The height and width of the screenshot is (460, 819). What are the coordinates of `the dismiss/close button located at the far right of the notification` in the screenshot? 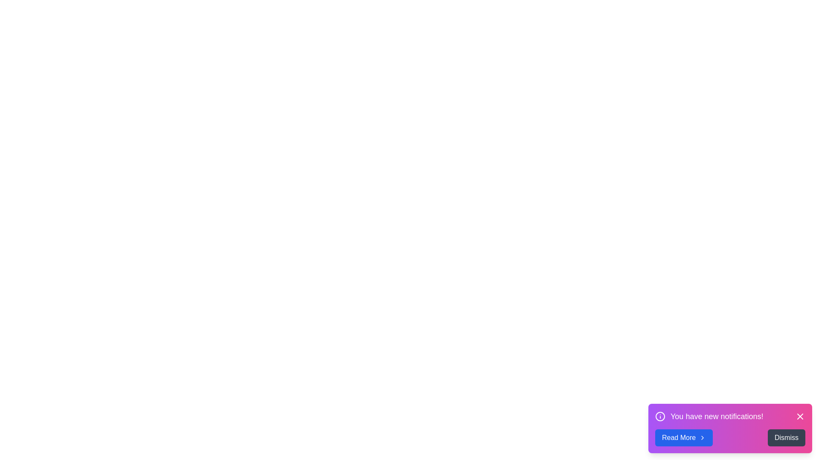 It's located at (800, 416).